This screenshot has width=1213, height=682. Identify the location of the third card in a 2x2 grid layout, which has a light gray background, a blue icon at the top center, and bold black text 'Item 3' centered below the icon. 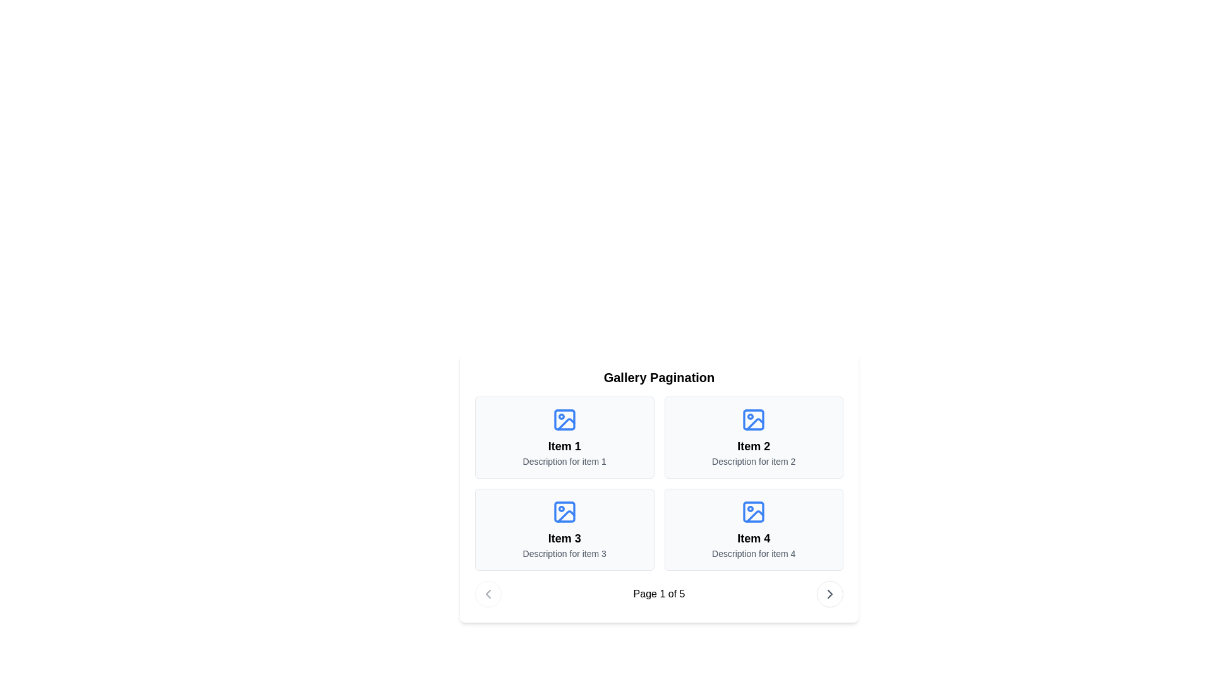
(564, 530).